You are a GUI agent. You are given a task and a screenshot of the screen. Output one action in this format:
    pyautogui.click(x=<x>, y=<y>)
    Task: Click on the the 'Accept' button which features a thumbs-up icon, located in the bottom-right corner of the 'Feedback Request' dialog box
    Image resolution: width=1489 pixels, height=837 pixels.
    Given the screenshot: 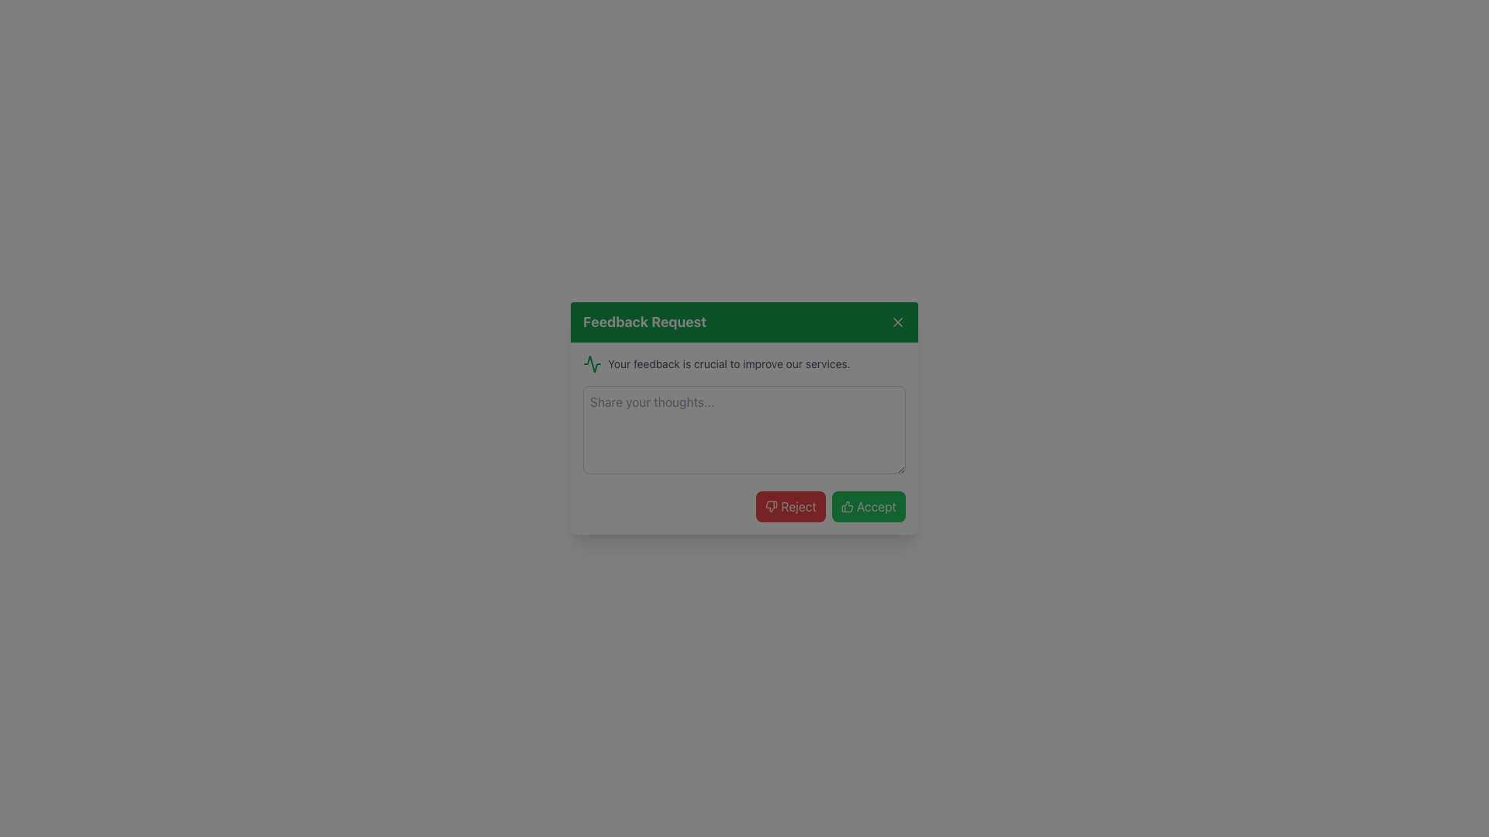 What is the action you would take?
    pyautogui.click(x=846, y=507)
    